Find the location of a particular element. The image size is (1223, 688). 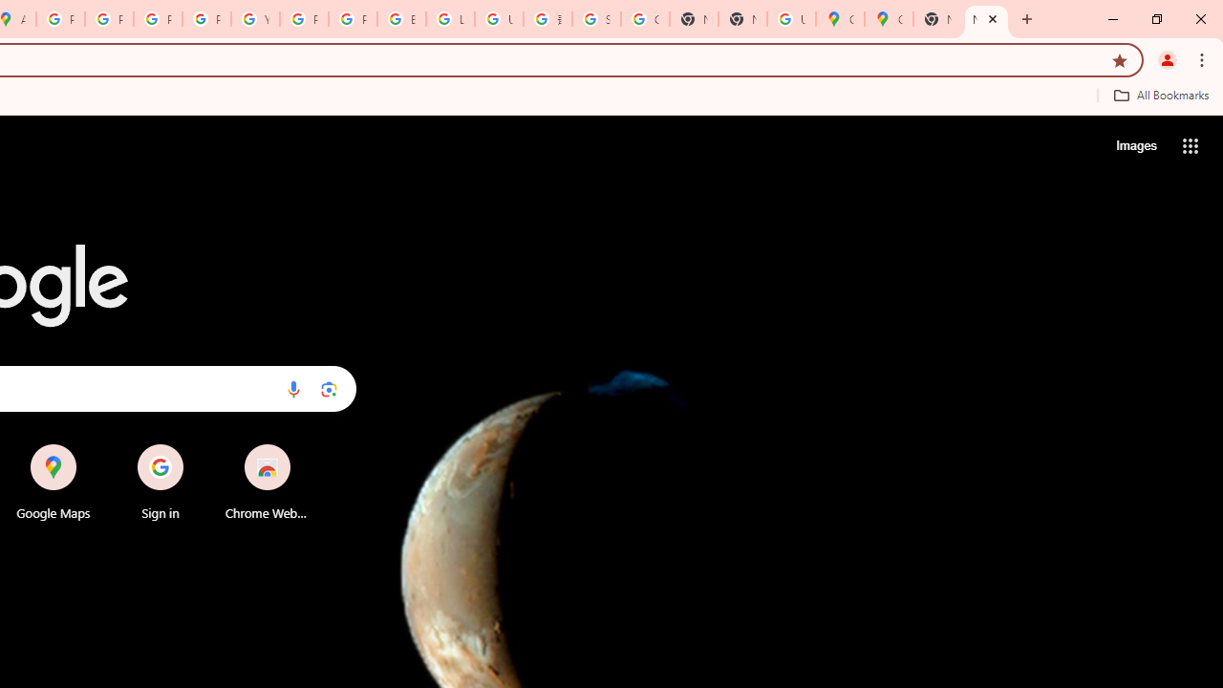

'Google apps' is located at coordinates (1190, 145).